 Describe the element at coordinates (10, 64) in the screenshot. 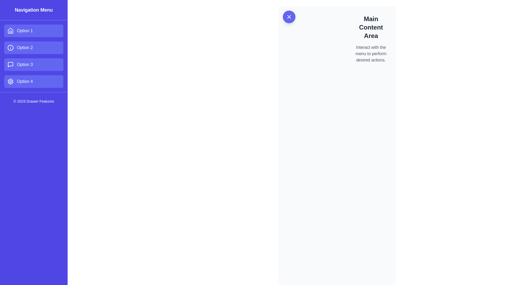

I see `the speech bubble icon in the sidebar menu labeled 'Option 3', which represents messages or comments` at that location.